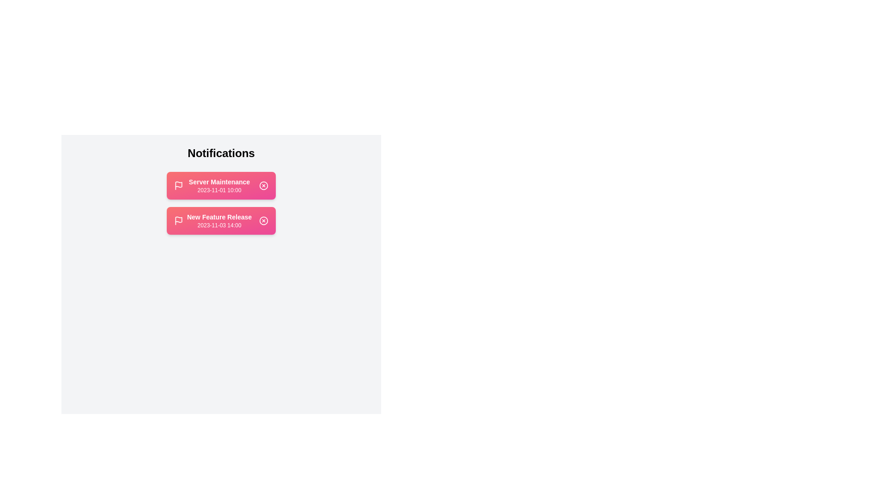 The height and width of the screenshot is (499, 887). Describe the element at coordinates (263, 185) in the screenshot. I see `remove button for the notification titled 'Server Maintenance'` at that location.